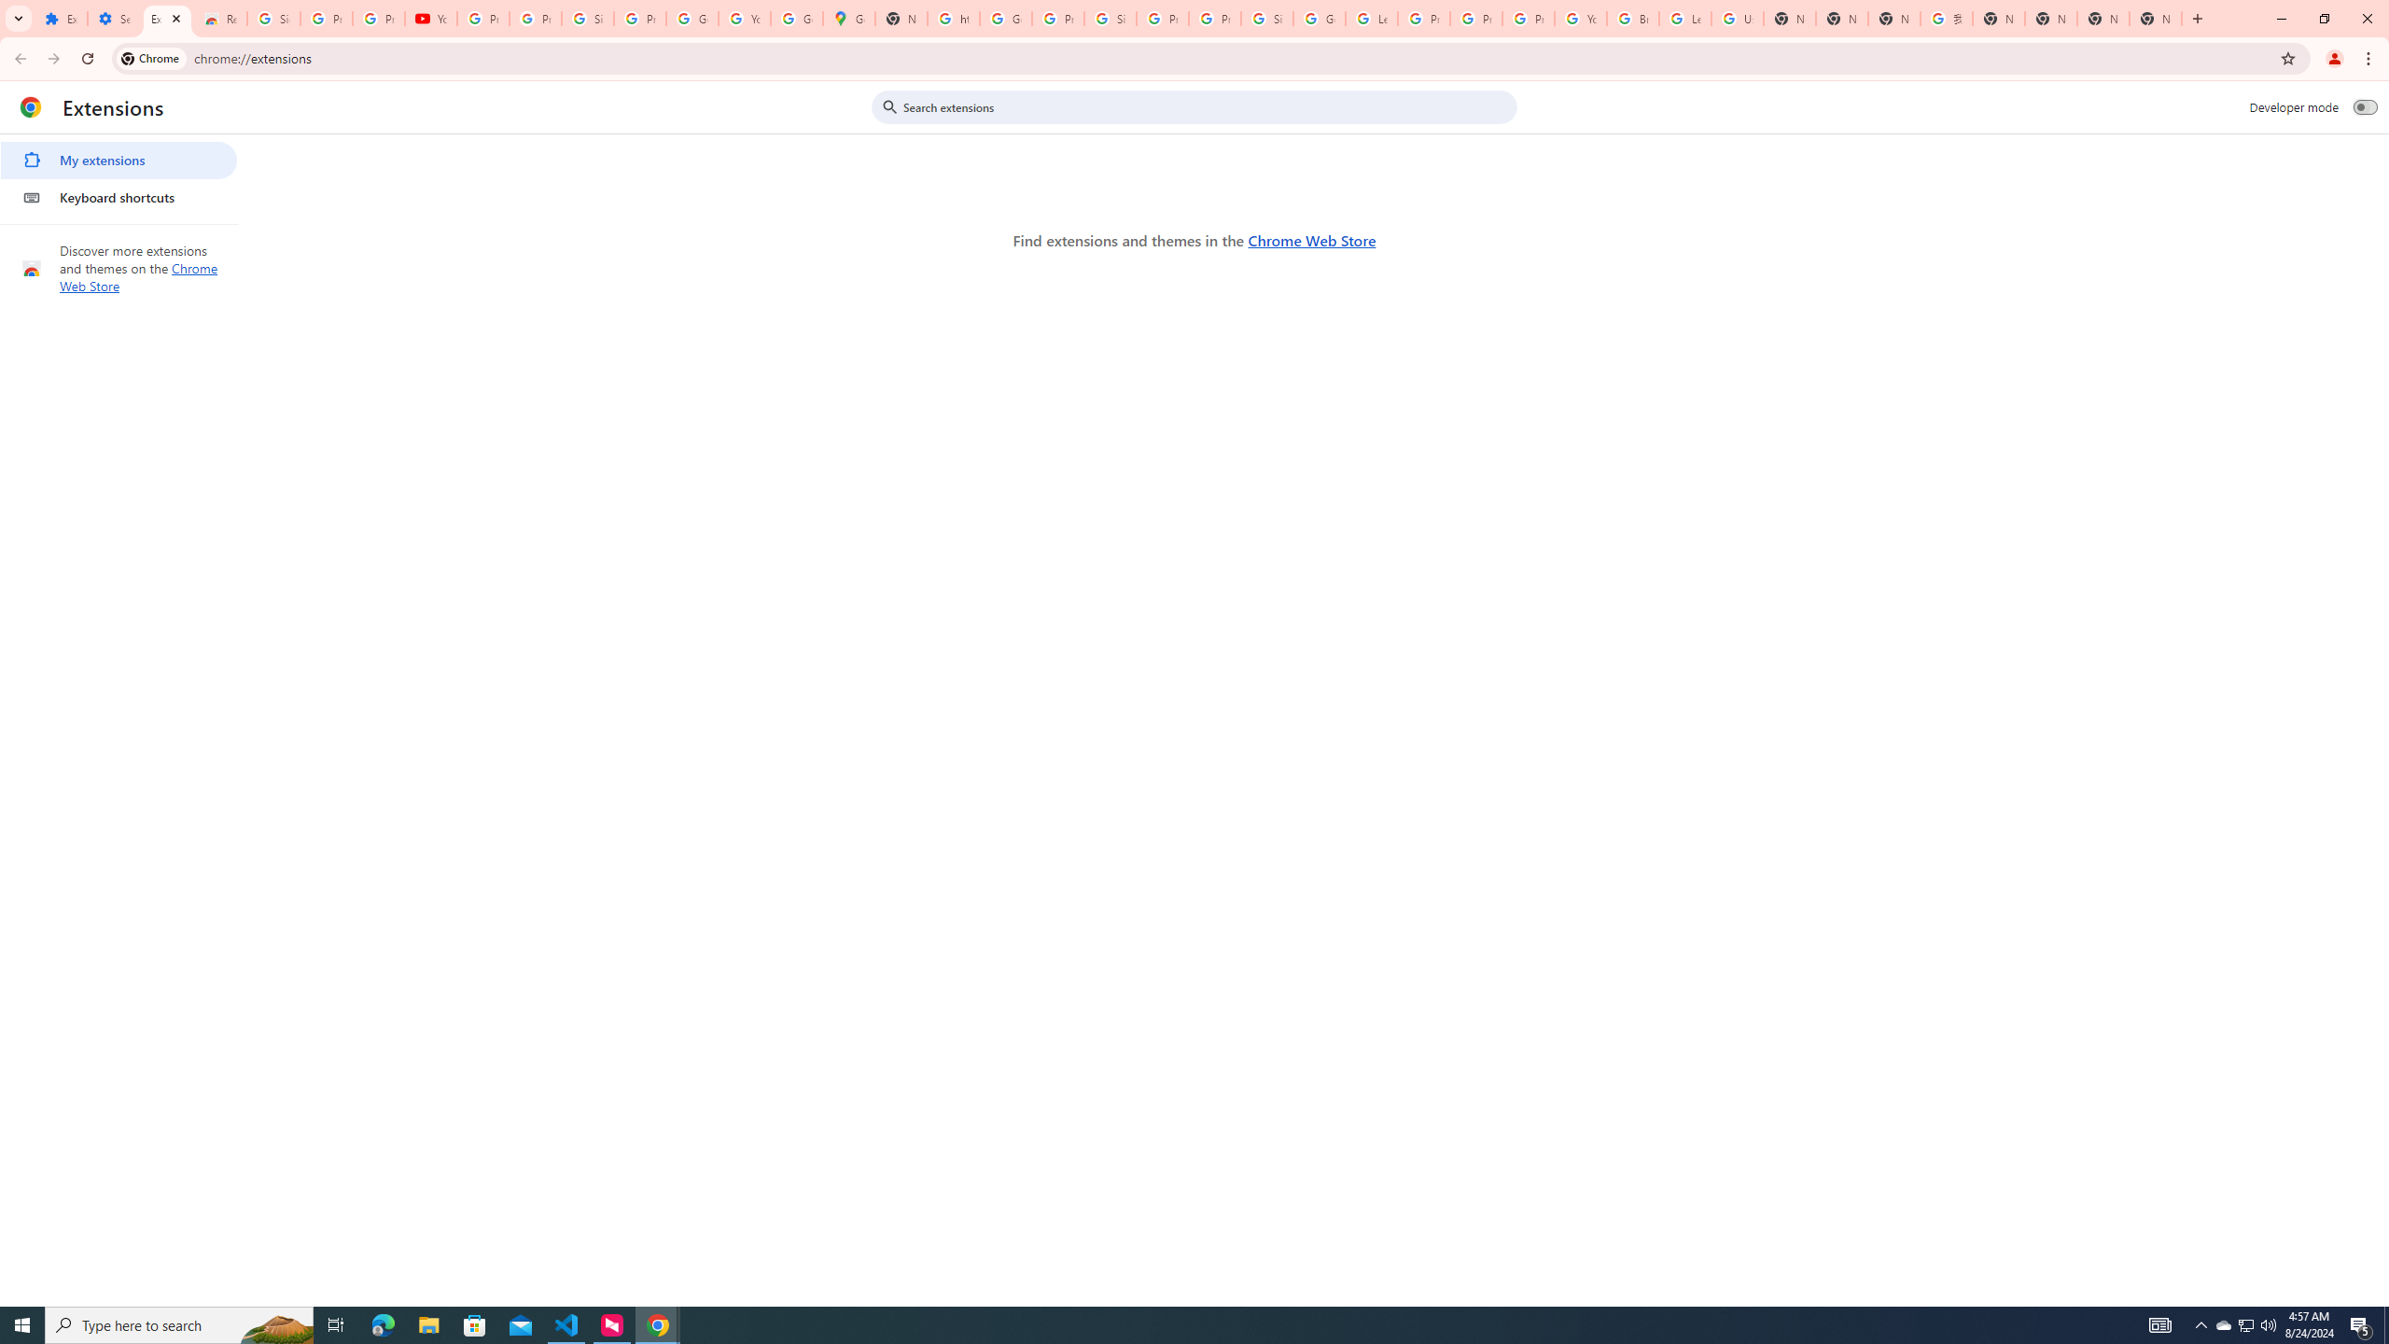 This screenshot has height=1344, width=2389. Describe the element at coordinates (1207, 106) in the screenshot. I see `'Search extensions'` at that location.